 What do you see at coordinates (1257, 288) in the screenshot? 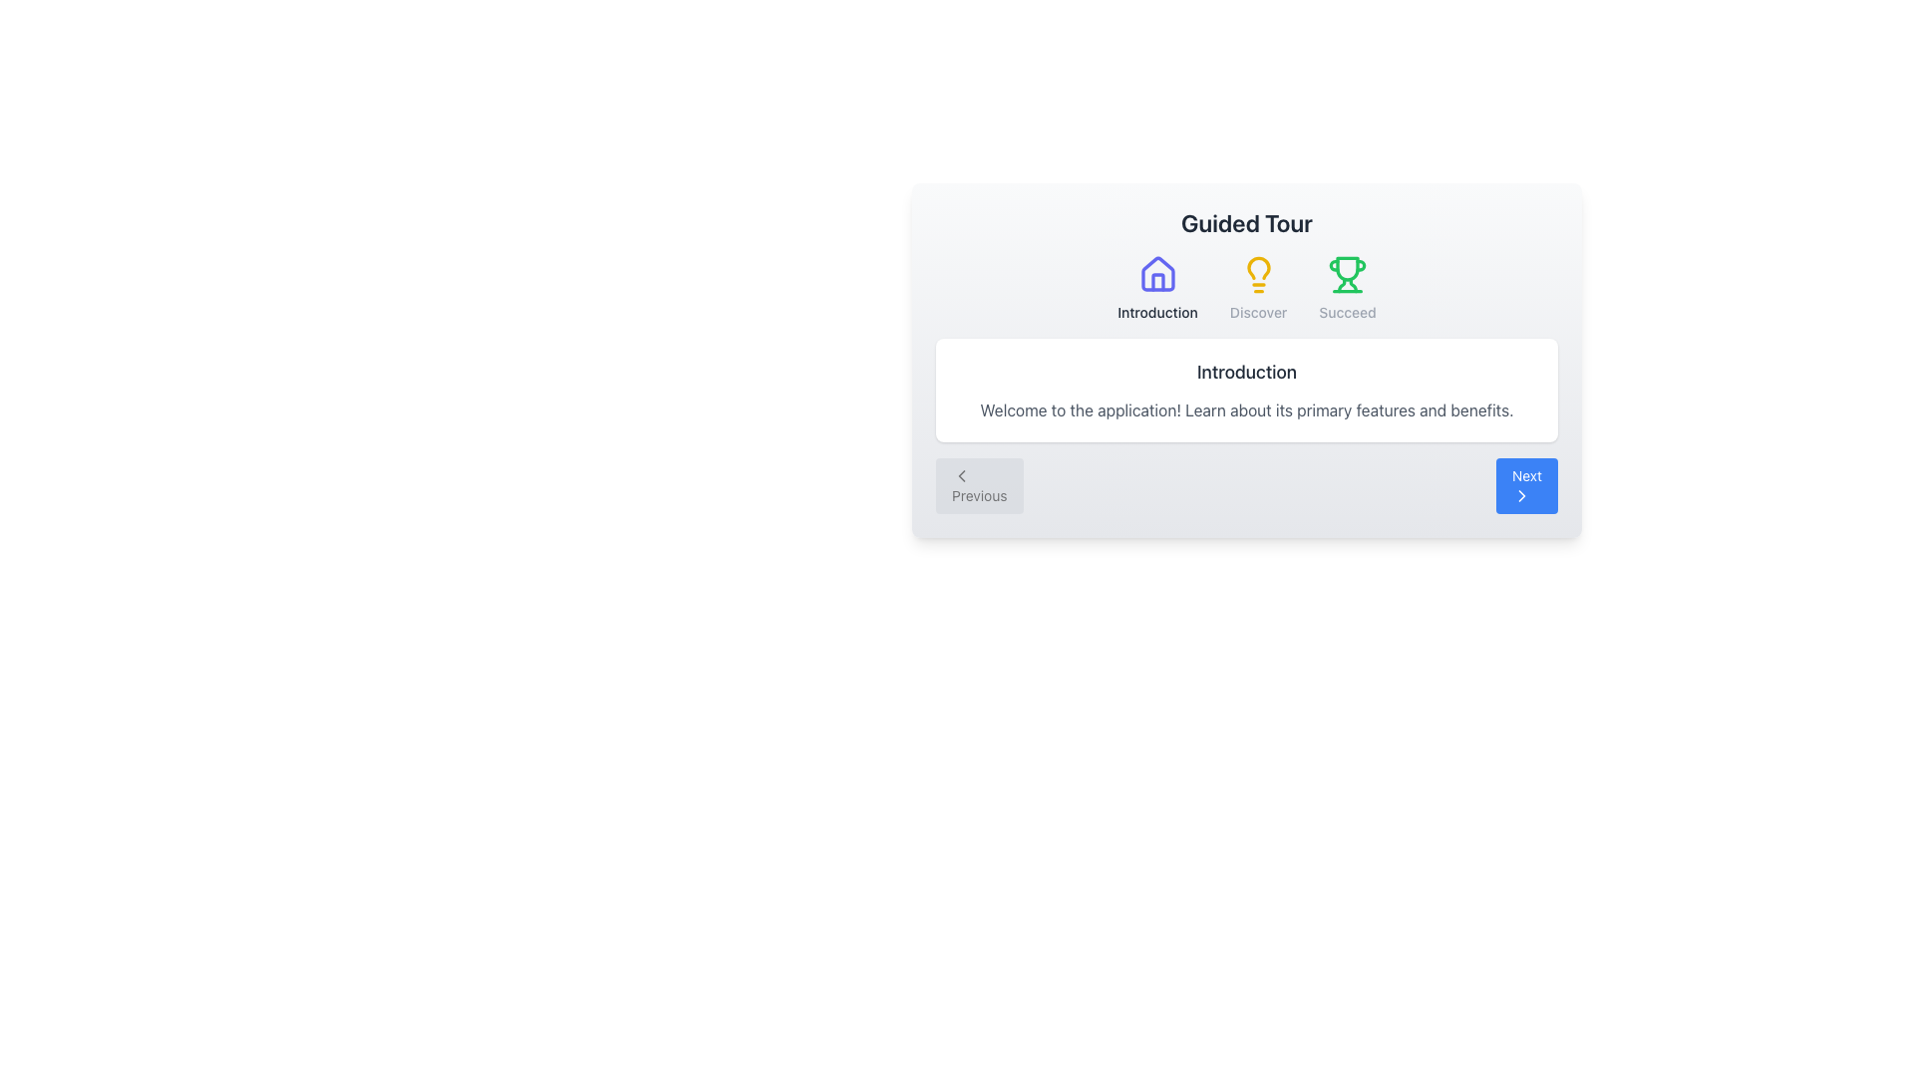
I see `the 'Discover' button, which features a yellow lightbulb icon and muted gray text, positioned centrally at the top of the interface` at bounding box center [1257, 288].